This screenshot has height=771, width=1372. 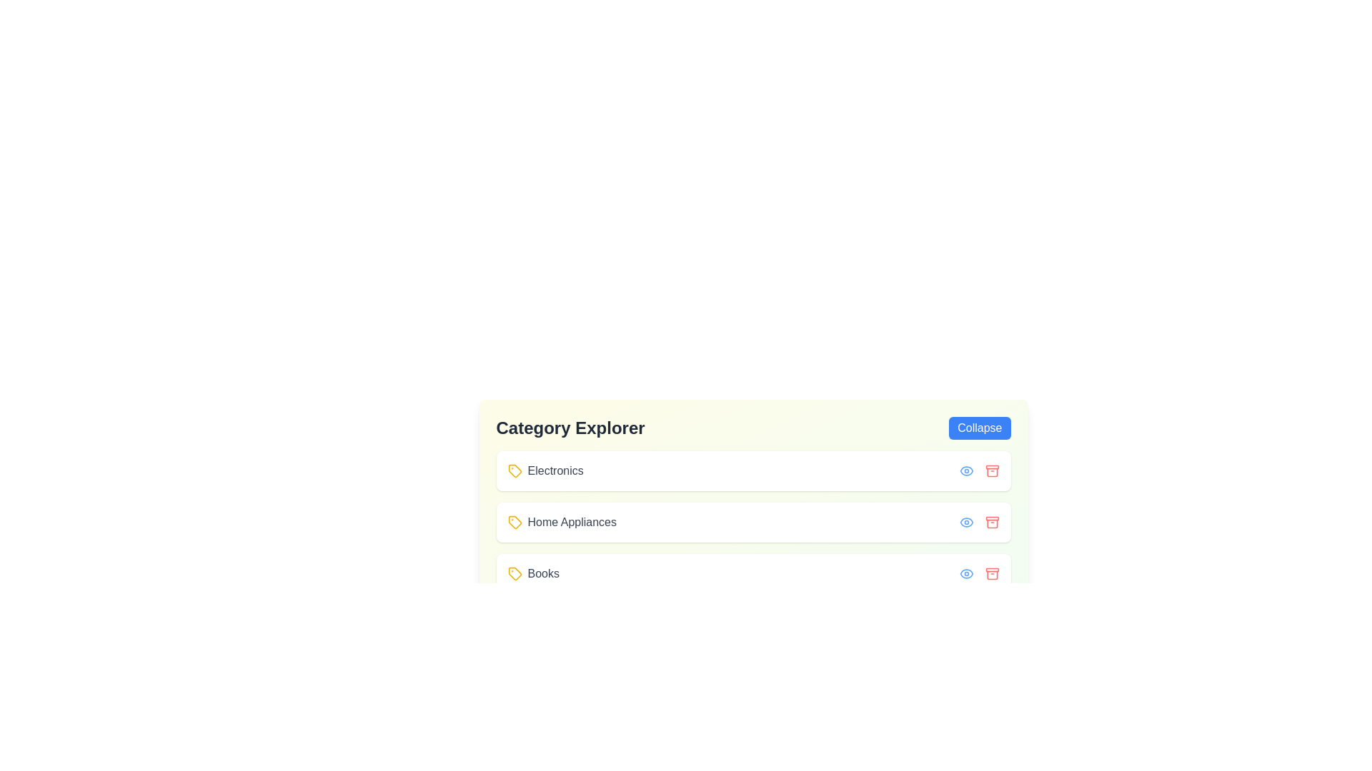 I want to click on the second category card within the 'Category Explorer' section that has a yellow-to-green gradient background and is positioned between the 'Electronics' and 'Books' cards, so click(x=752, y=528).